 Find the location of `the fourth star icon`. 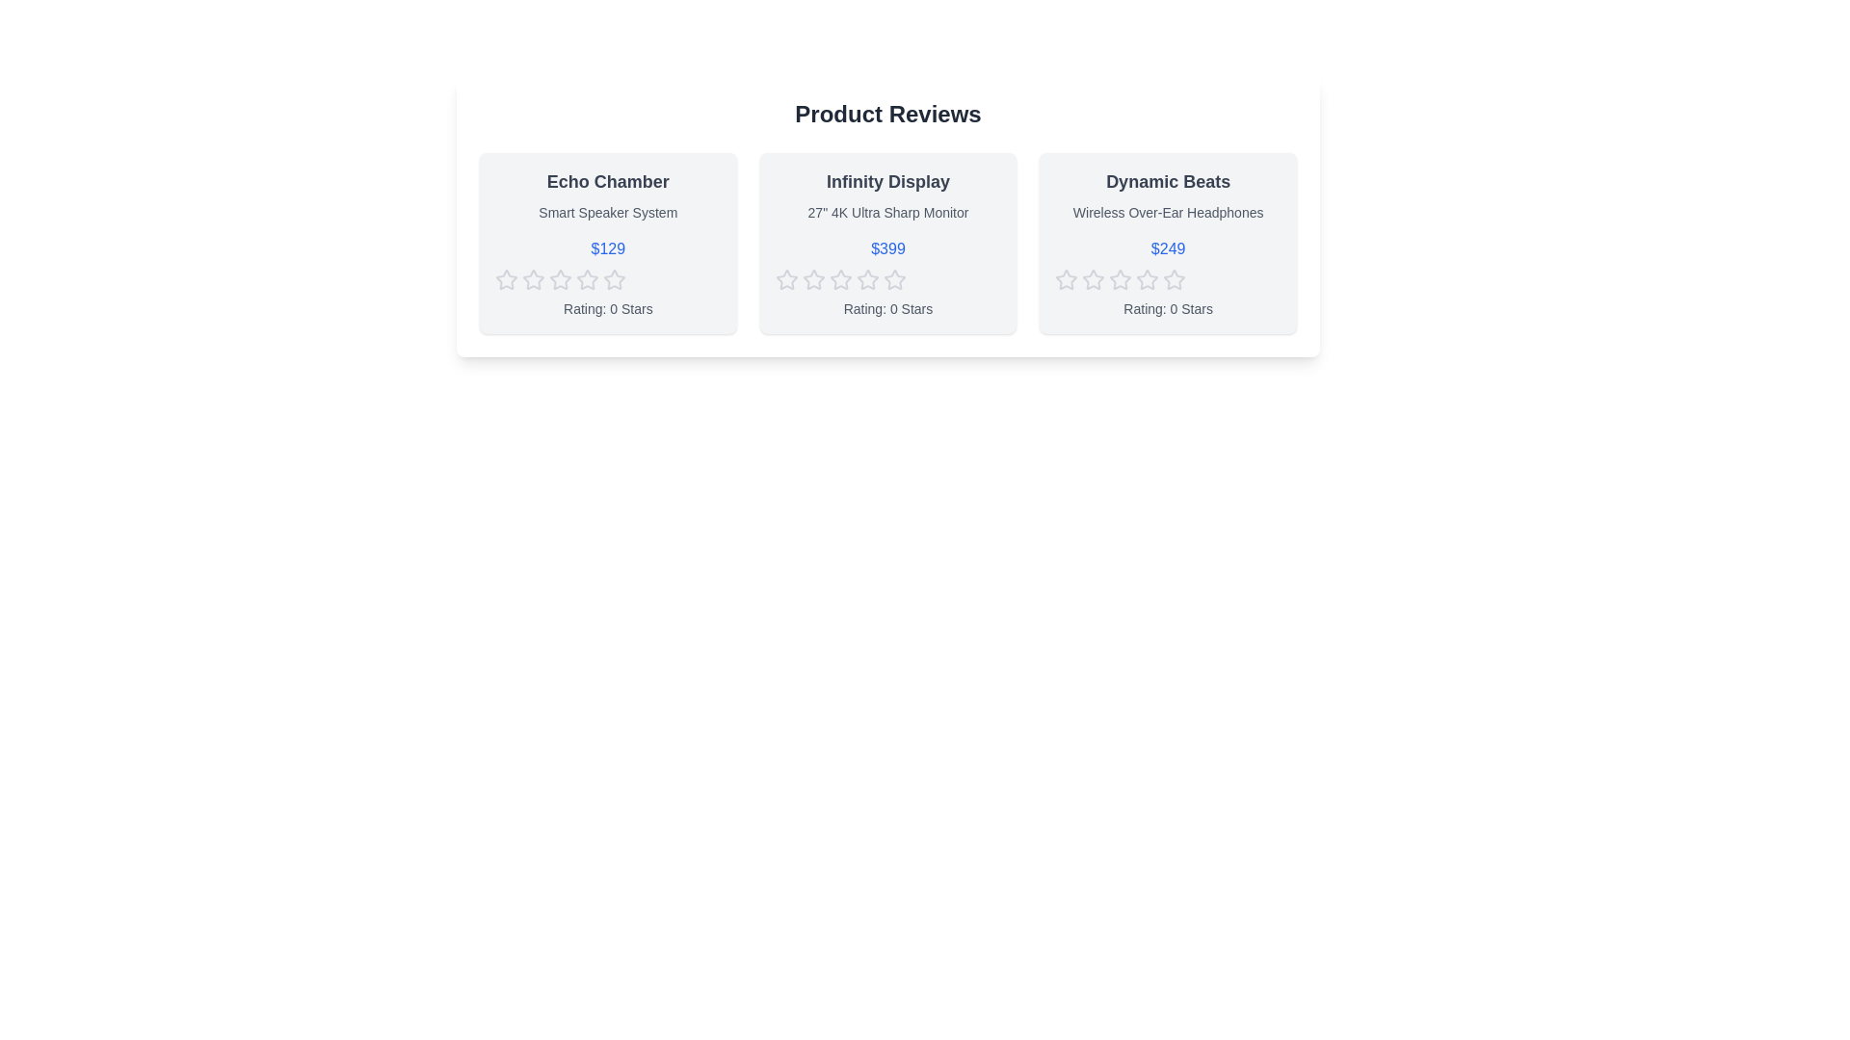

the fourth star icon is located at coordinates (893, 279).